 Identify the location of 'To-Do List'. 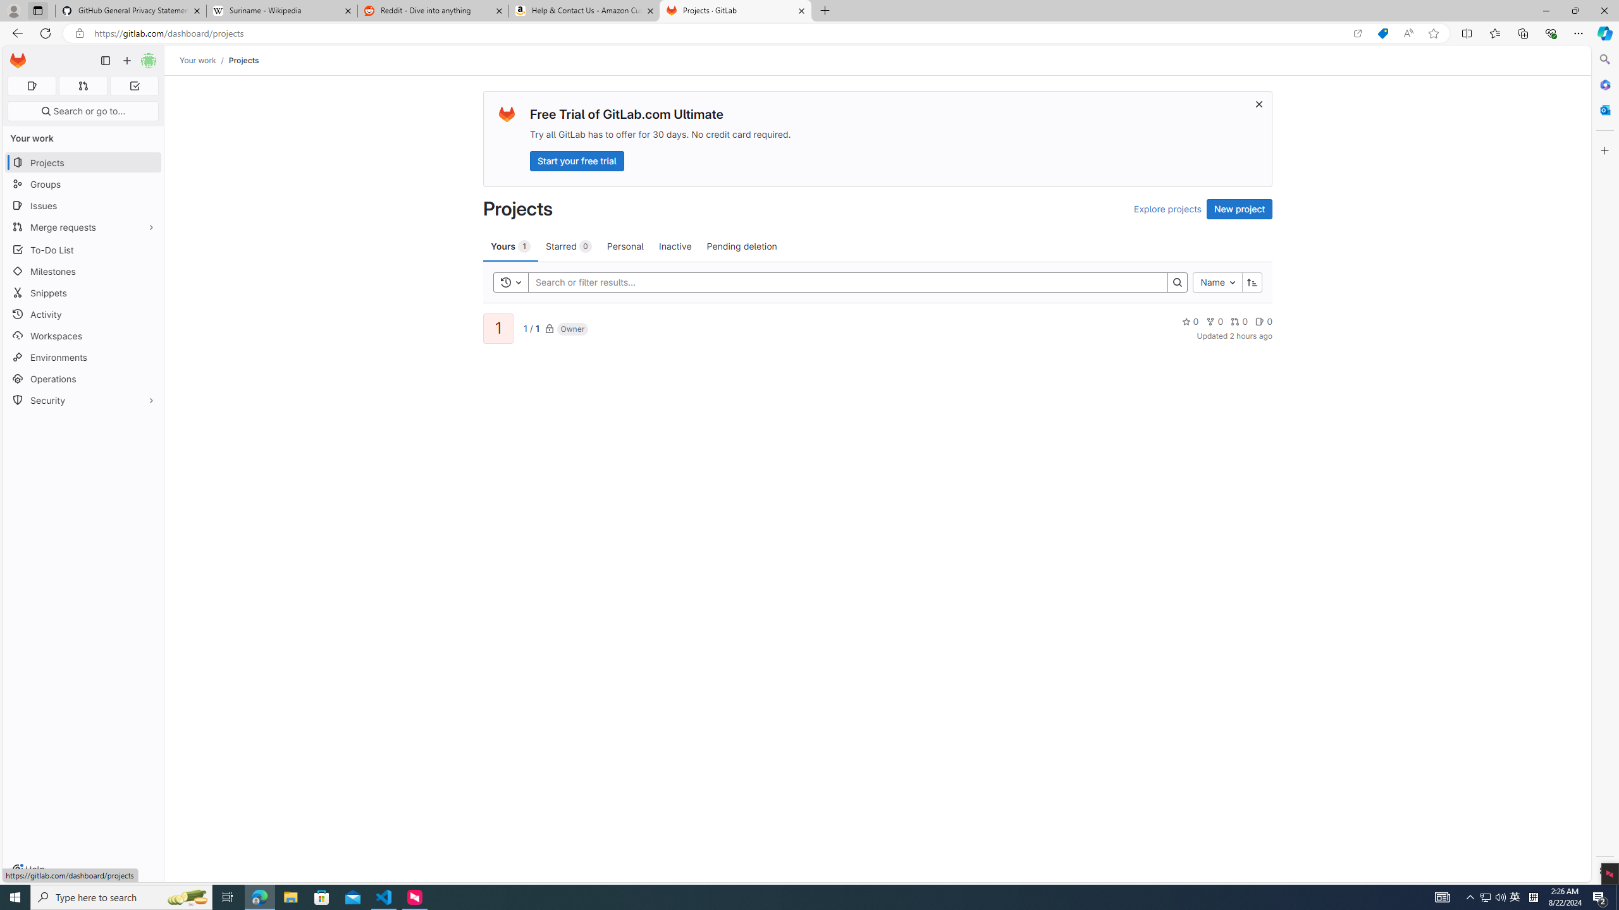
(82, 249).